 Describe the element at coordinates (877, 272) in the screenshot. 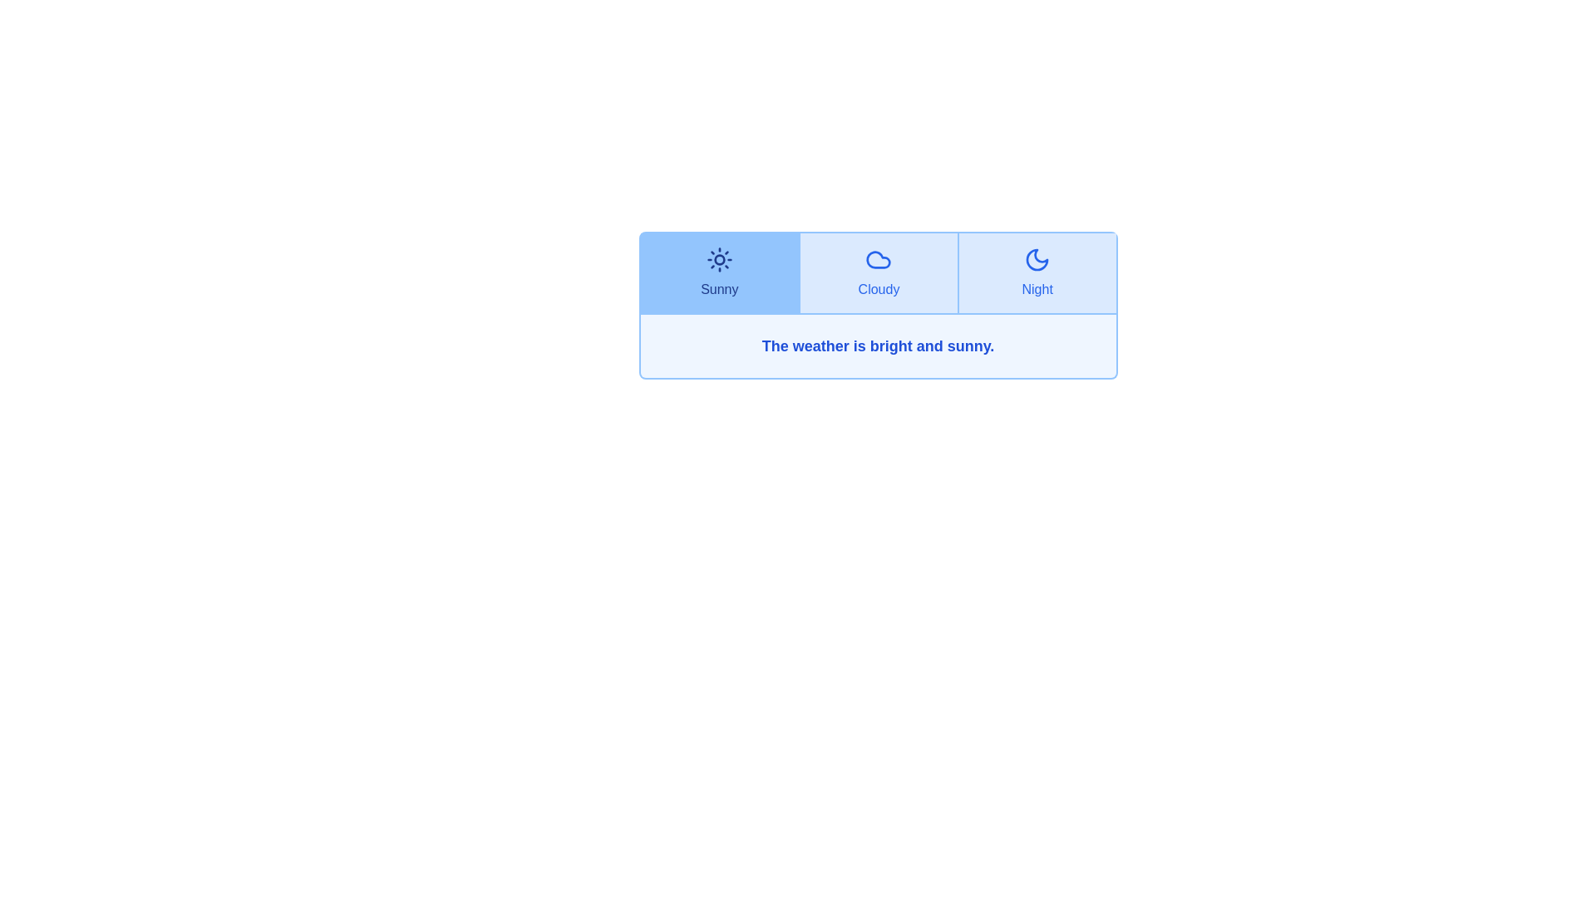

I see `the Cloudy tab` at that location.